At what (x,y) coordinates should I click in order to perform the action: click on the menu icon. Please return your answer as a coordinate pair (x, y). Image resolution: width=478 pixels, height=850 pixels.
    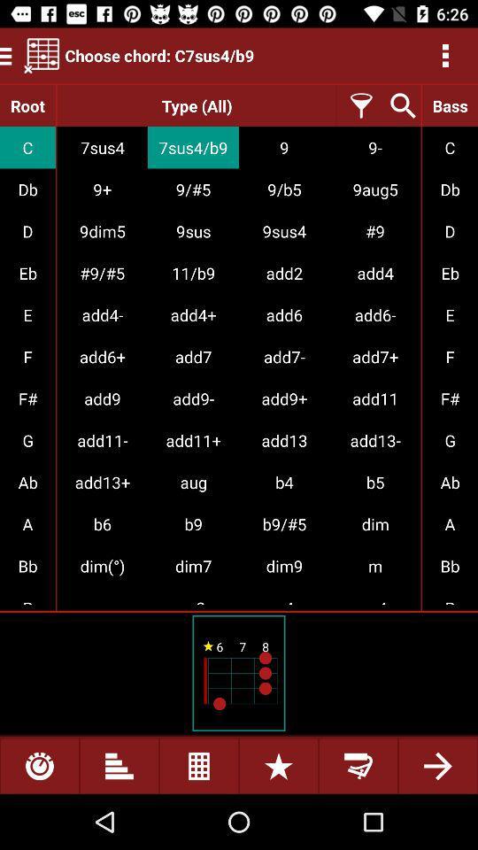
    Looking at the image, I should click on (8, 55).